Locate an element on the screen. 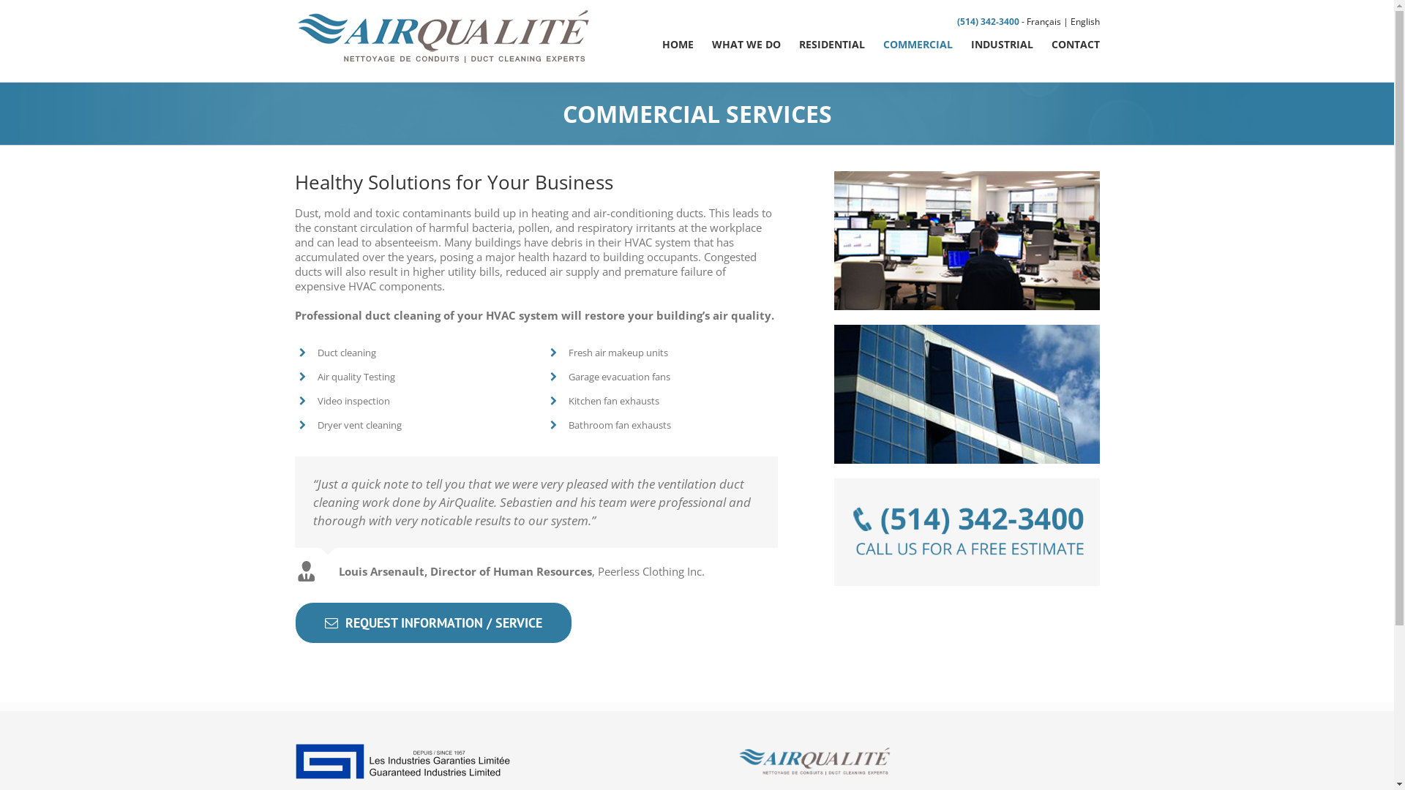  'RESIDENTIAL' is located at coordinates (832, 42).